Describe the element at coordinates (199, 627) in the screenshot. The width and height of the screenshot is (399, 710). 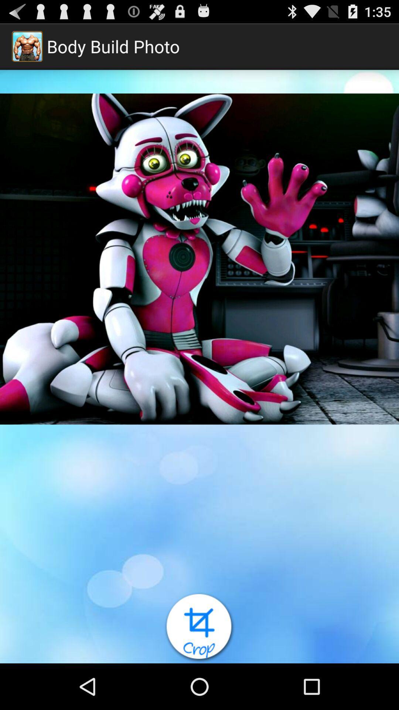
I see `icon at the bottom` at that location.